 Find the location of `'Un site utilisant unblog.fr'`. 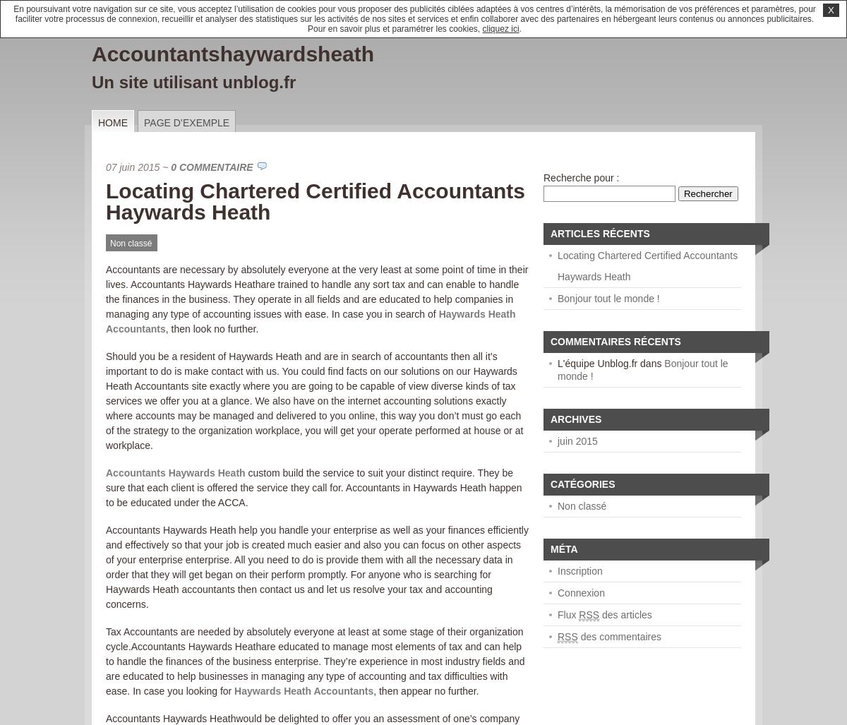

'Un site utilisant unblog.fr' is located at coordinates (193, 82).